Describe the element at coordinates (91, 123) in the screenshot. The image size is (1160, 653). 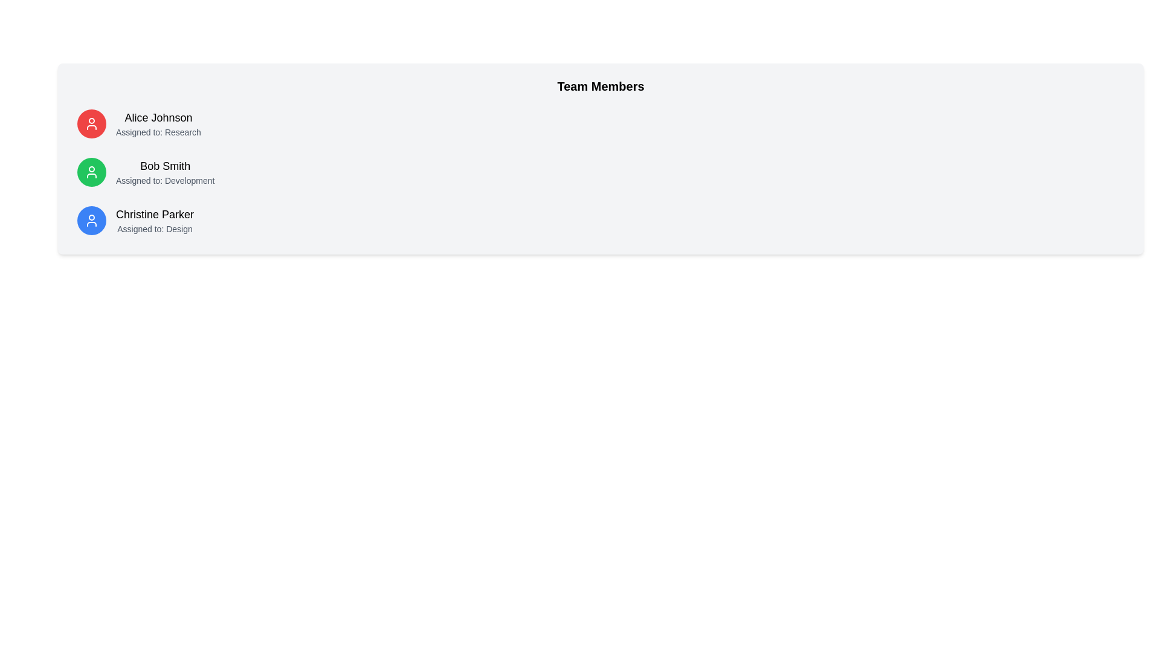
I see `the Profile Picture representing user 'Alice Johnson', which is located on the far left of the first row in the list of team members` at that location.